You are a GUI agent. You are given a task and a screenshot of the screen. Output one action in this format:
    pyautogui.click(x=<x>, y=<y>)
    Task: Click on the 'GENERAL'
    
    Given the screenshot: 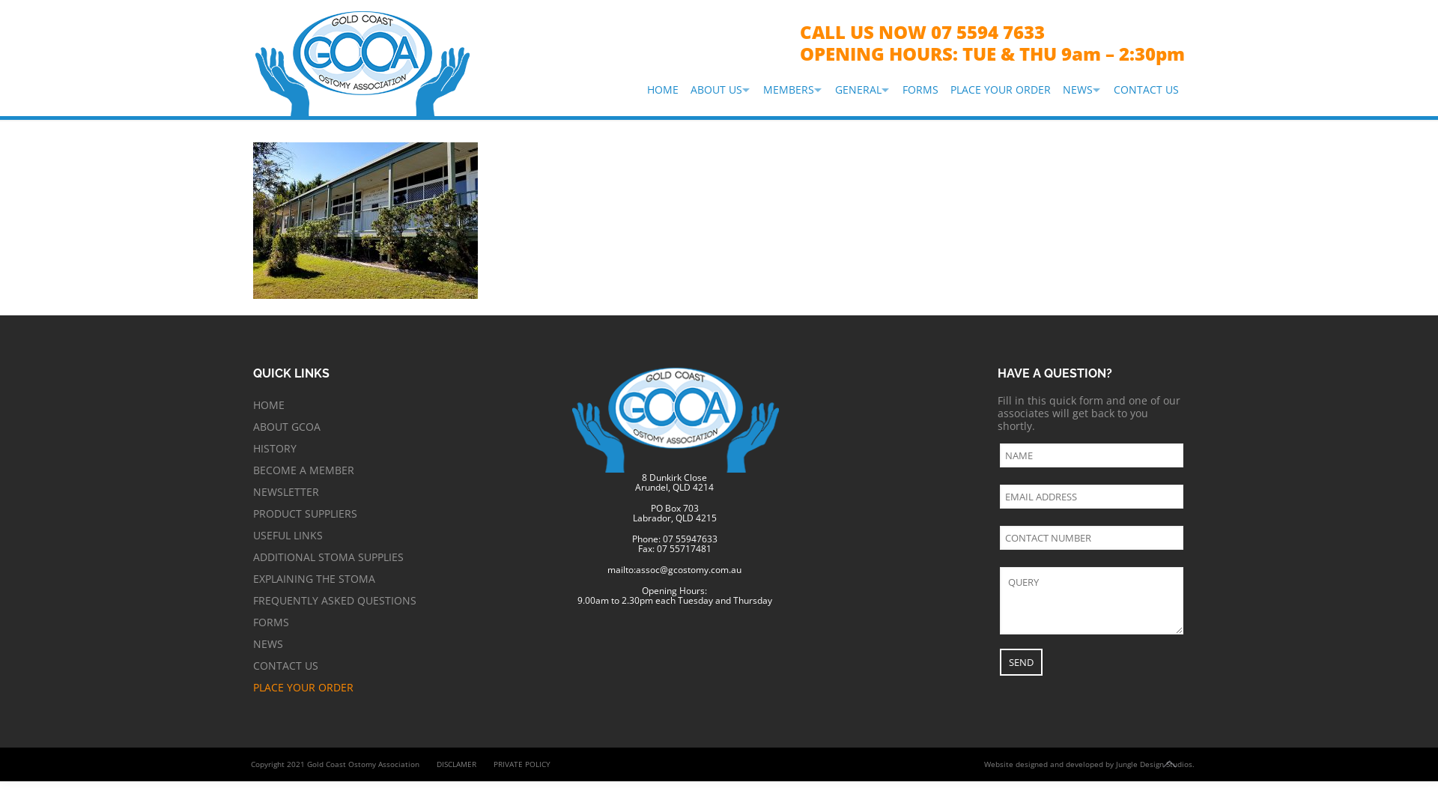 What is the action you would take?
    pyautogui.click(x=863, y=89)
    